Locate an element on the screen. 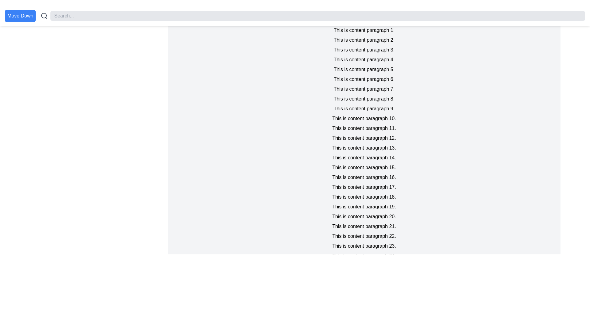 This screenshot has width=590, height=331. the text block containing 'This is content paragraph 20.' which is the twentieth element in a vertically organized list of paragraphs is located at coordinates (364, 216).